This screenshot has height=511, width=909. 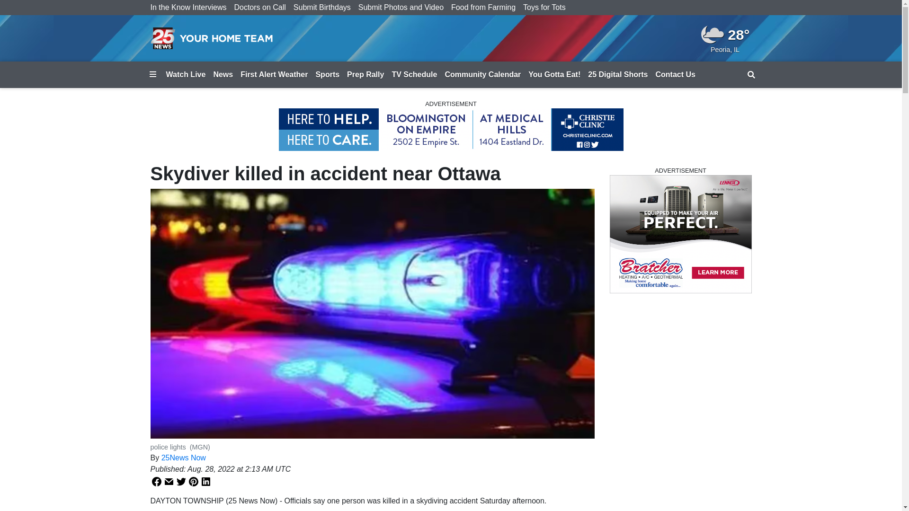 I want to click on 'Food from Farming', so click(x=483, y=7).